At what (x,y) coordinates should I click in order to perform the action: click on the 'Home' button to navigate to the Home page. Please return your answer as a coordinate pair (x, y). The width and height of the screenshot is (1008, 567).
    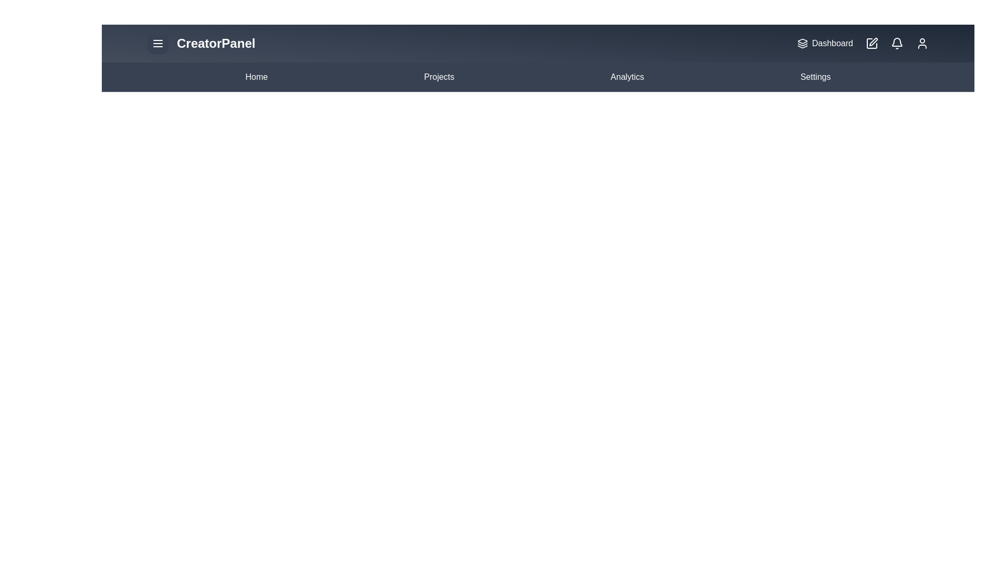
    Looking at the image, I should click on (256, 76).